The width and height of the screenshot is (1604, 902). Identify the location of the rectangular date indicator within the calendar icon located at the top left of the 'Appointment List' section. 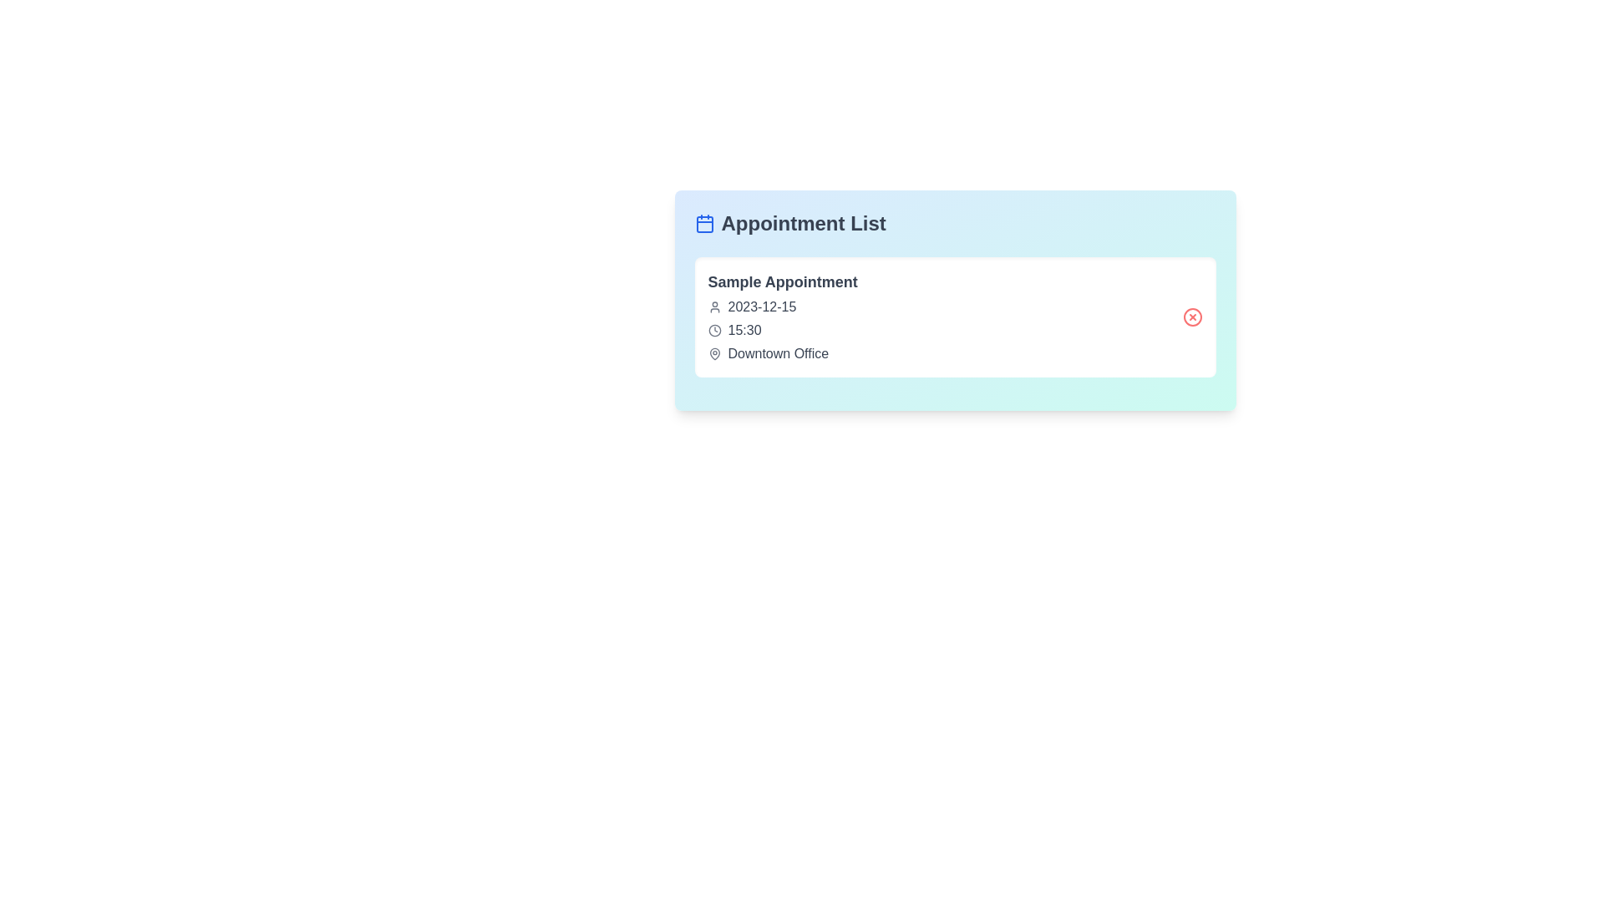
(704, 224).